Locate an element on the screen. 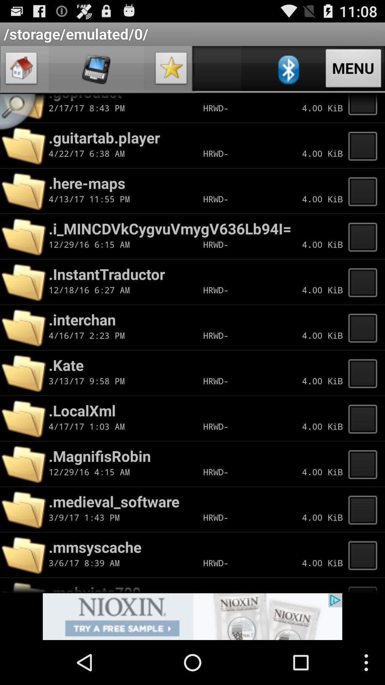  file is located at coordinates (365, 108).